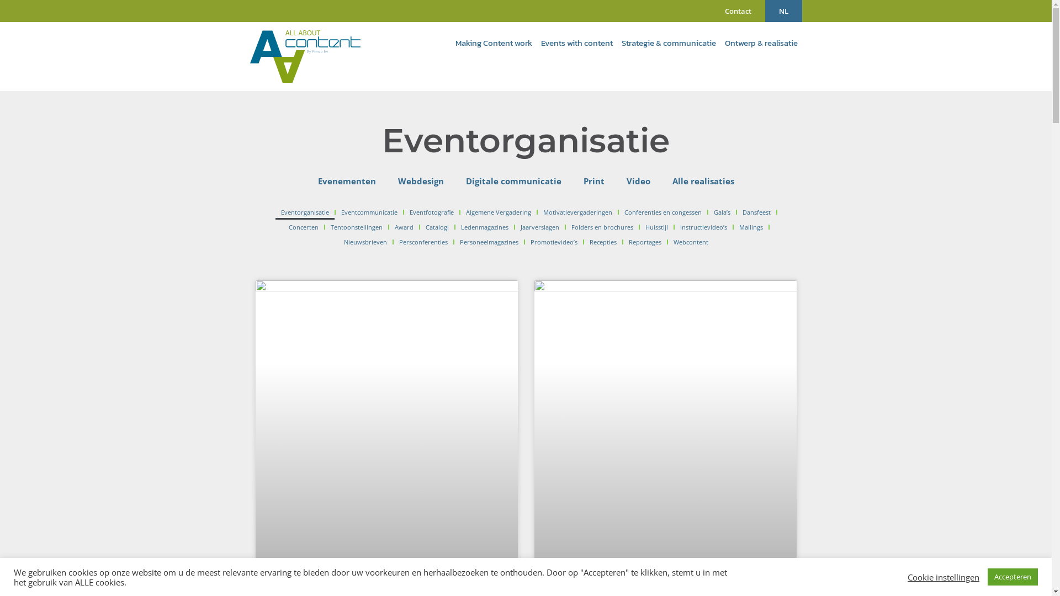 The image size is (1060, 596). I want to click on 'Making Content work', so click(451, 42).